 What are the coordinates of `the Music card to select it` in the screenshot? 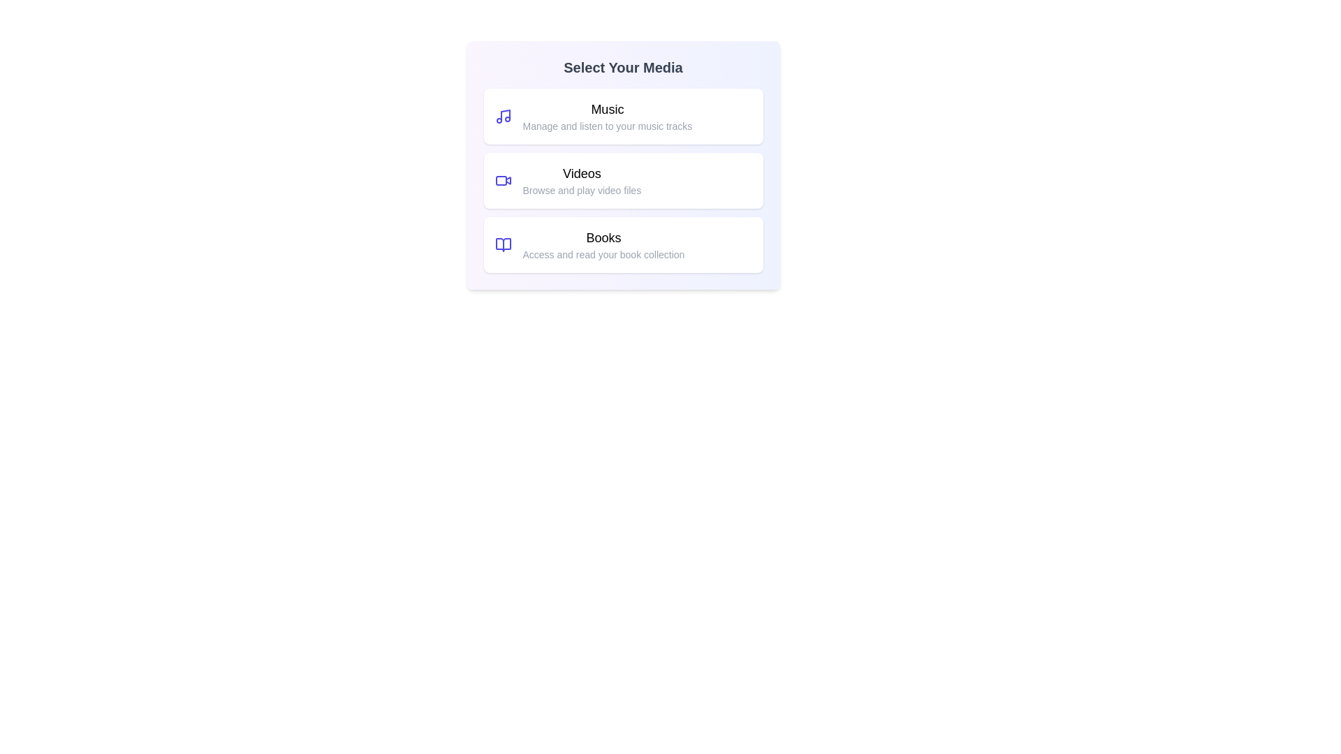 It's located at (622, 115).